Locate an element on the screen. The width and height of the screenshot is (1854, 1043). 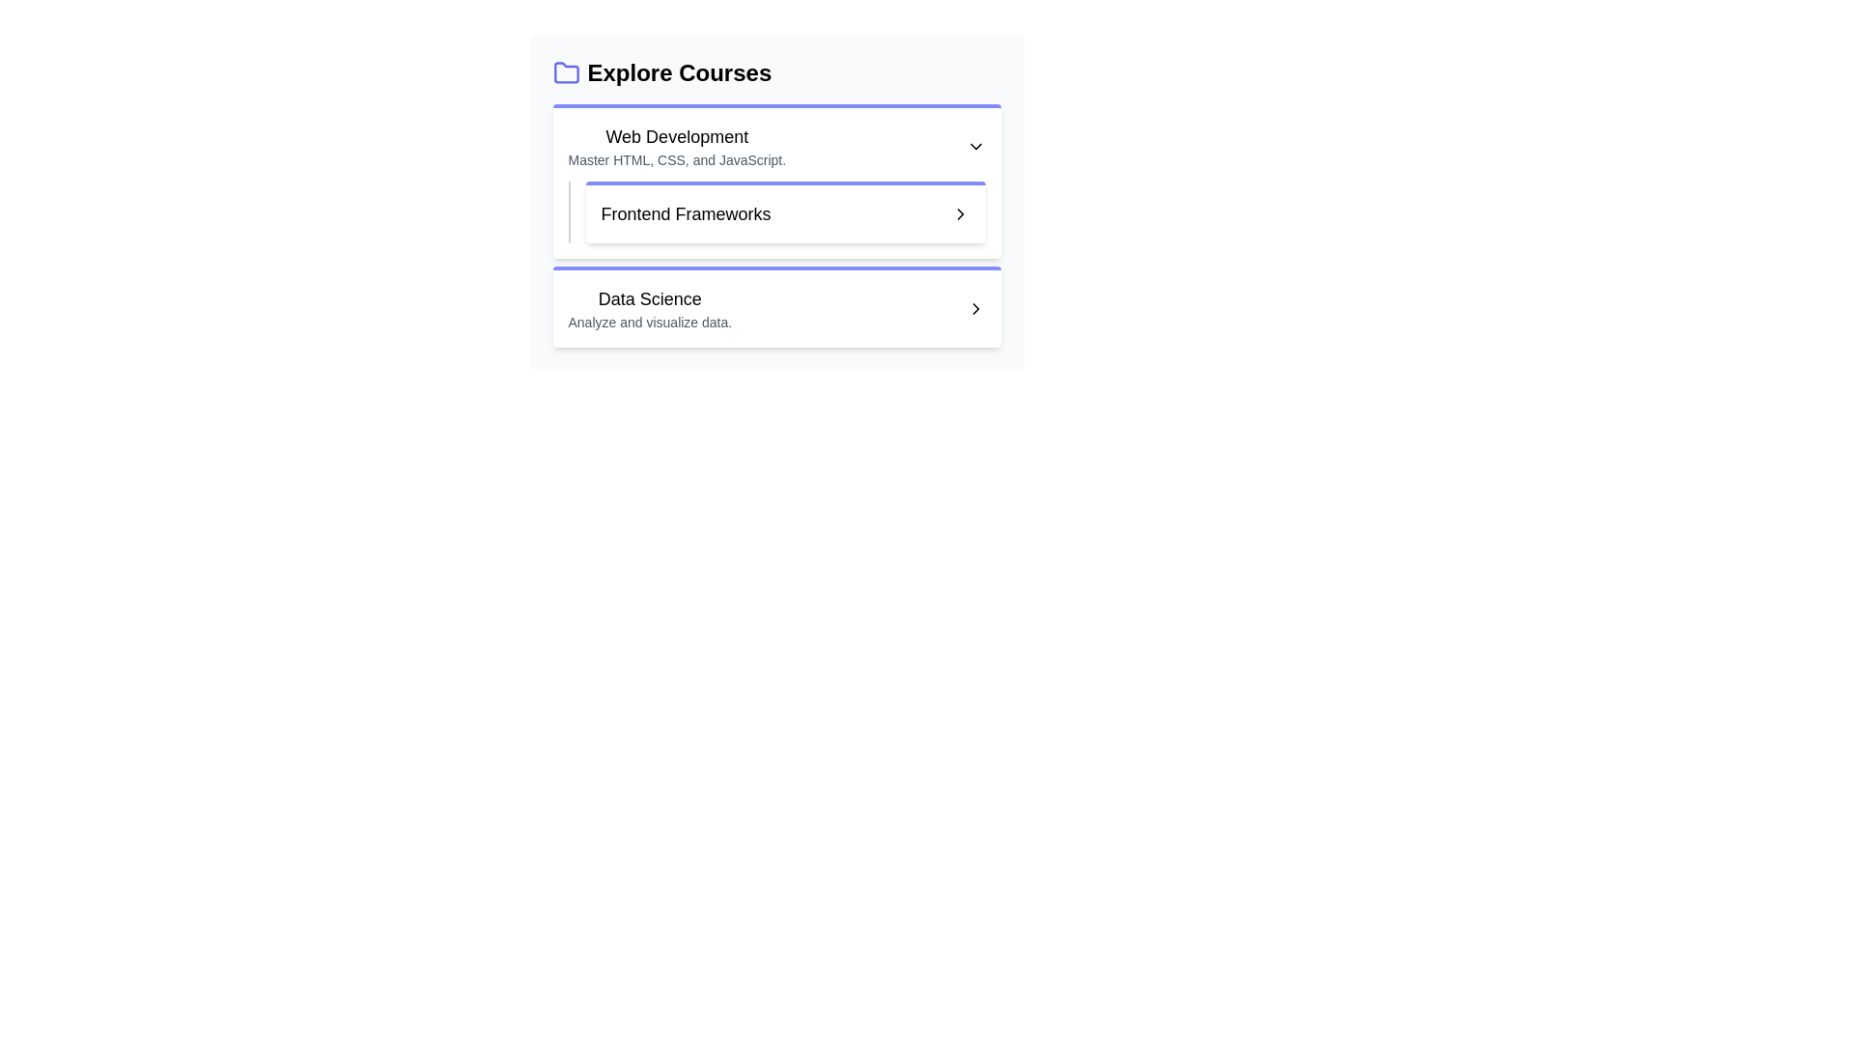
on the 'Frontend Frameworks' clickable list item, which is styled with a white background and an indigo-colored top border is located at coordinates (785, 211).